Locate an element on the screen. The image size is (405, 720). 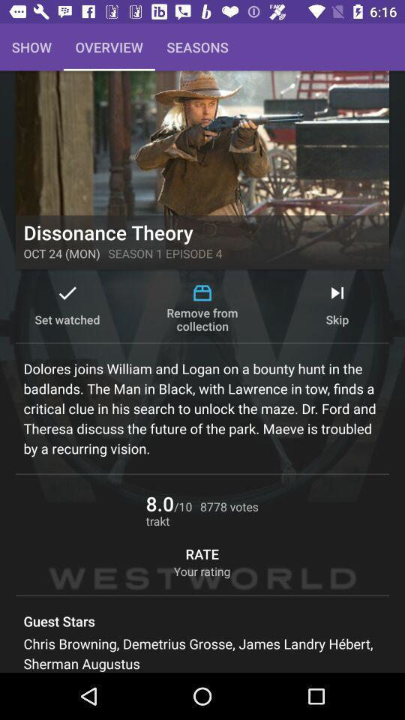
the item next to the set watched item is located at coordinates (202, 307).